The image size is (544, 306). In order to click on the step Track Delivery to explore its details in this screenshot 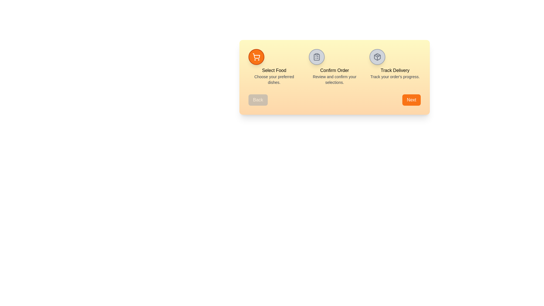, I will do `click(377, 57)`.